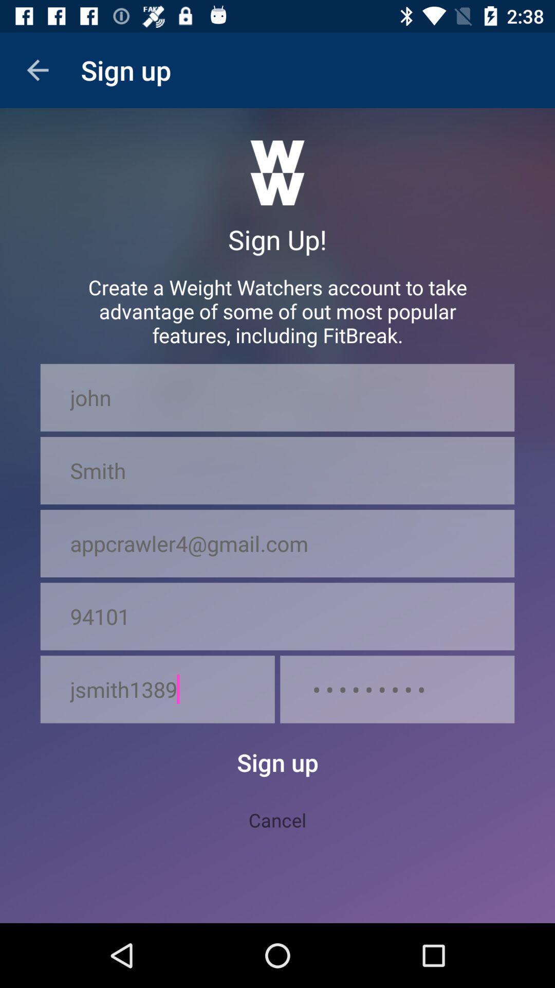 Image resolution: width=555 pixels, height=988 pixels. I want to click on appcrawler4@gmail.com icon, so click(277, 543).